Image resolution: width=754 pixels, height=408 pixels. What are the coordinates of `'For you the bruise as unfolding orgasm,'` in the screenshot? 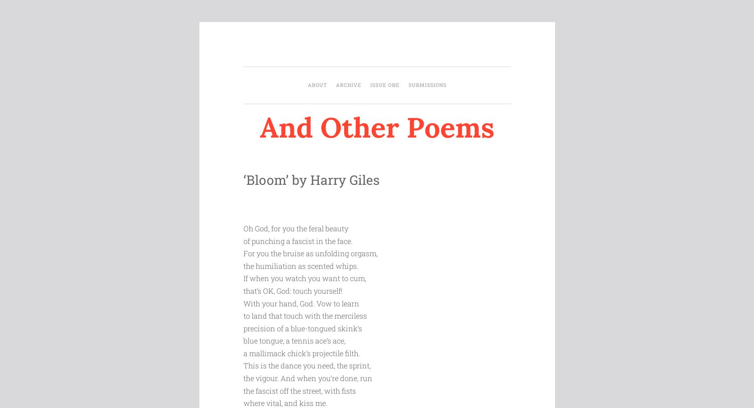 It's located at (310, 253).